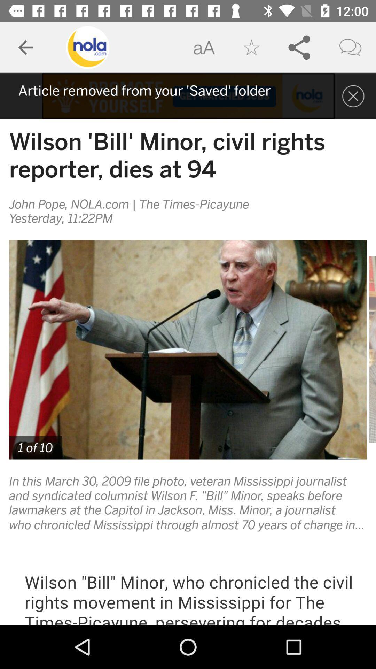  I want to click on alert saying article removed from saved, so click(188, 95).